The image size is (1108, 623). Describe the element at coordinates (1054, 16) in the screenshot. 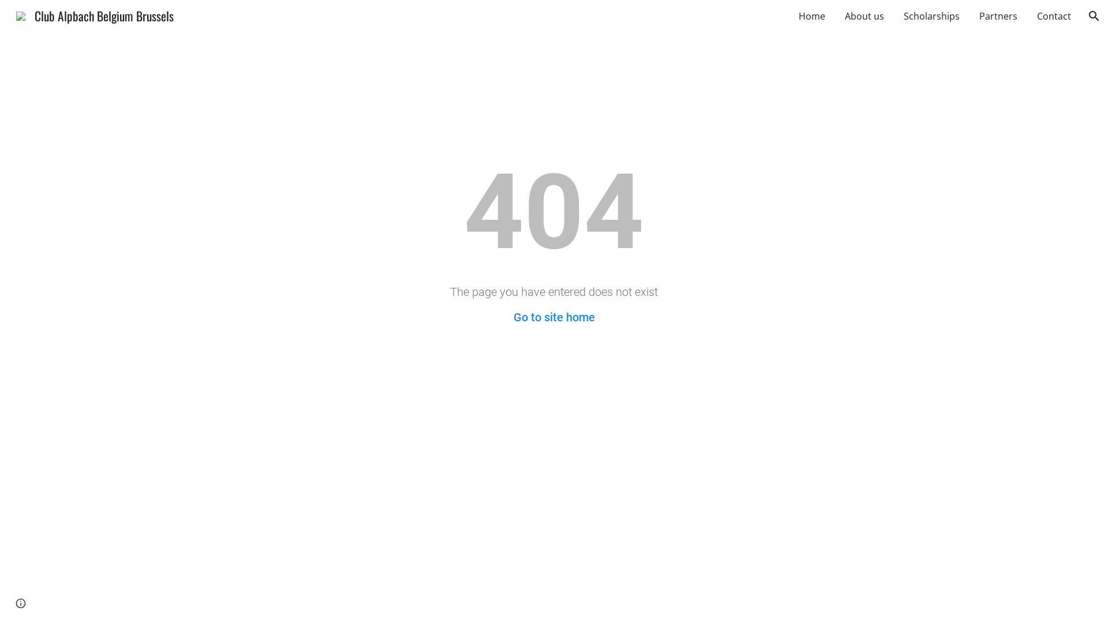

I see `'Contact'` at that location.